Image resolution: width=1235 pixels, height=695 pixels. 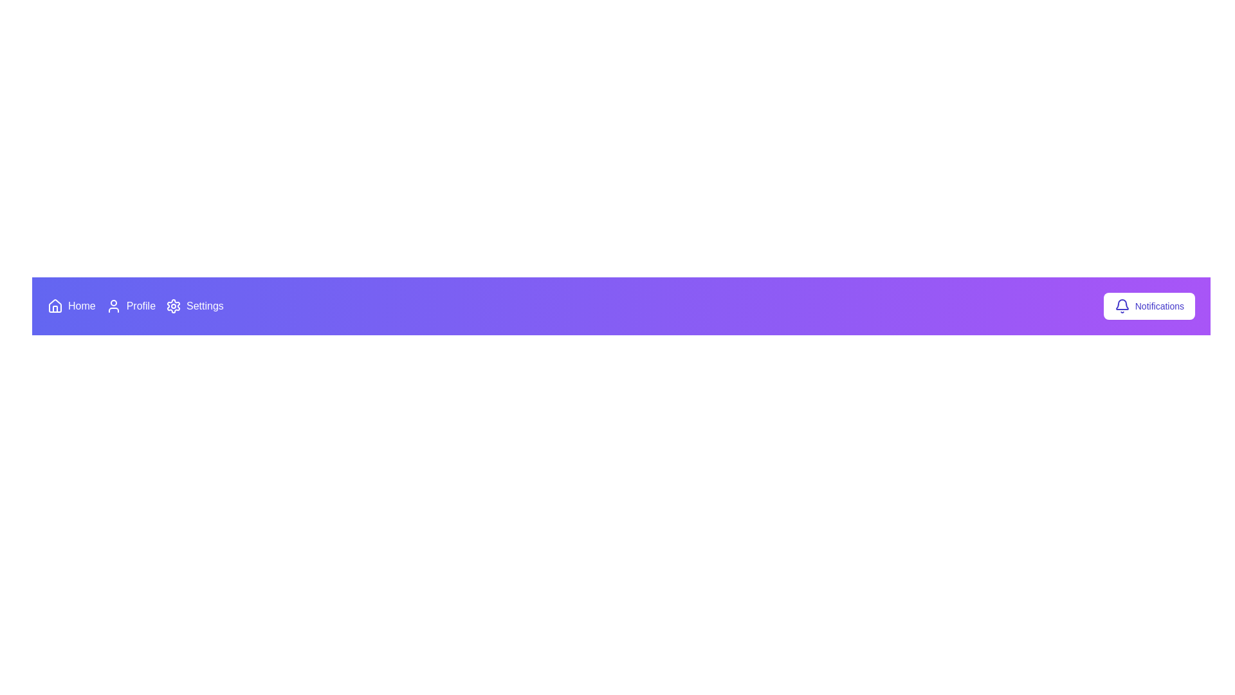 What do you see at coordinates (131, 306) in the screenshot?
I see `the navigation button positioned between the 'Home' and 'Settings' elements` at bounding box center [131, 306].